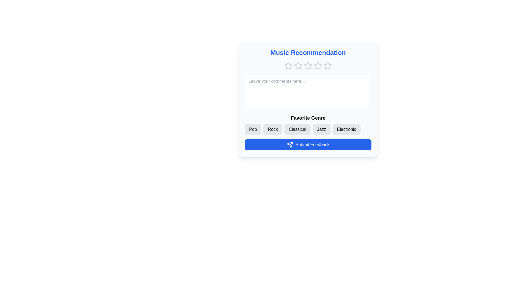  I want to click on the third star icon in the horizontal row of five stars in the 'Music Recommendation' section, so click(317, 65).